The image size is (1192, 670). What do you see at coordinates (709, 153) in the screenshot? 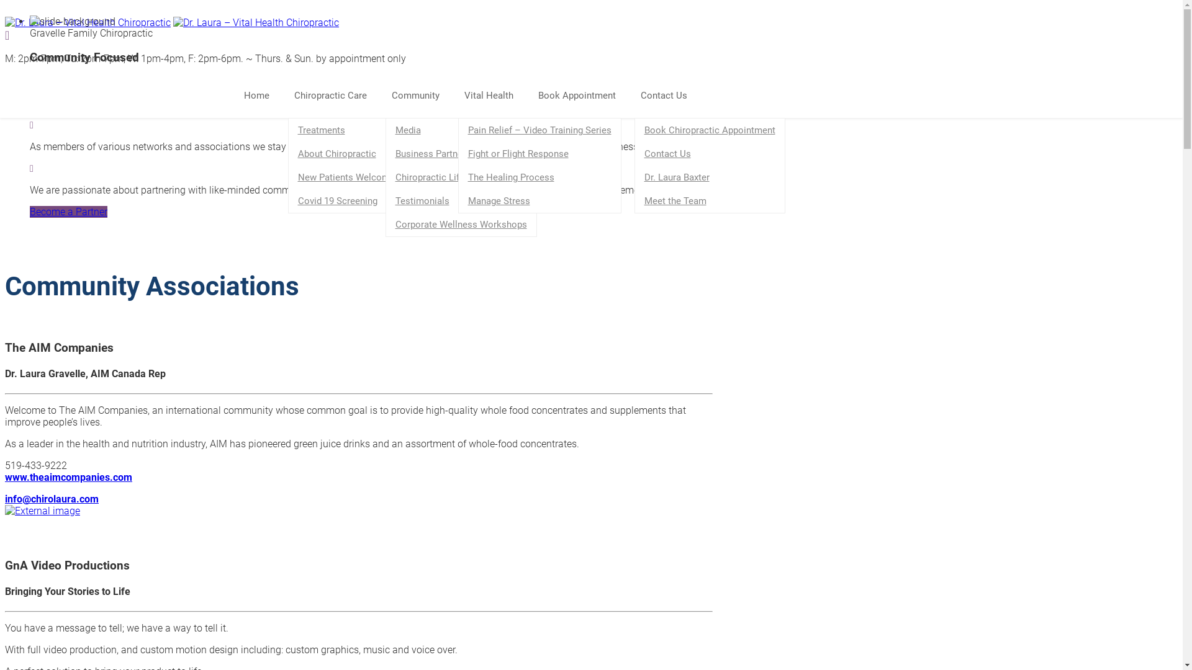
I see `'Contact Us'` at bounding box center [709, 153].